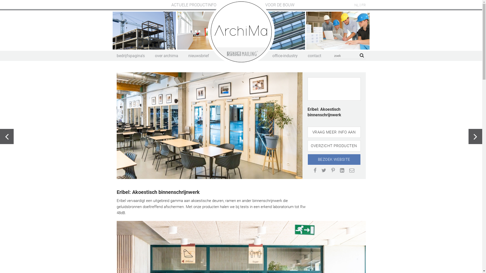 This screenshot has width=486, height=273. I want to click on 'nieuwsbrief', so click(198, 56).